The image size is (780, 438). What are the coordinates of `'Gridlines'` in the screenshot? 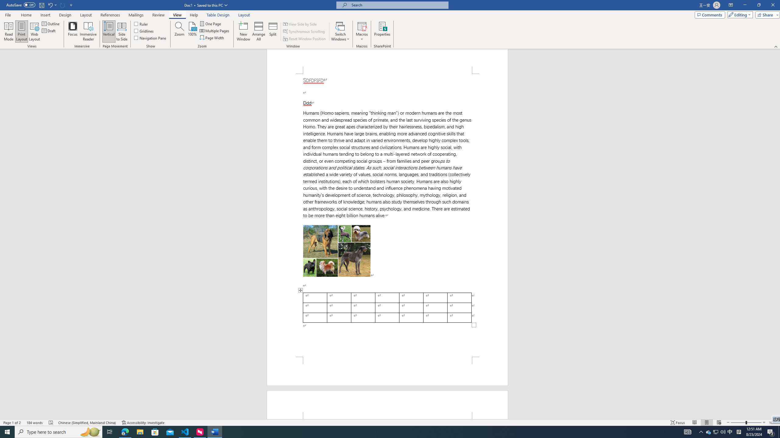 It's located at (144, 30).